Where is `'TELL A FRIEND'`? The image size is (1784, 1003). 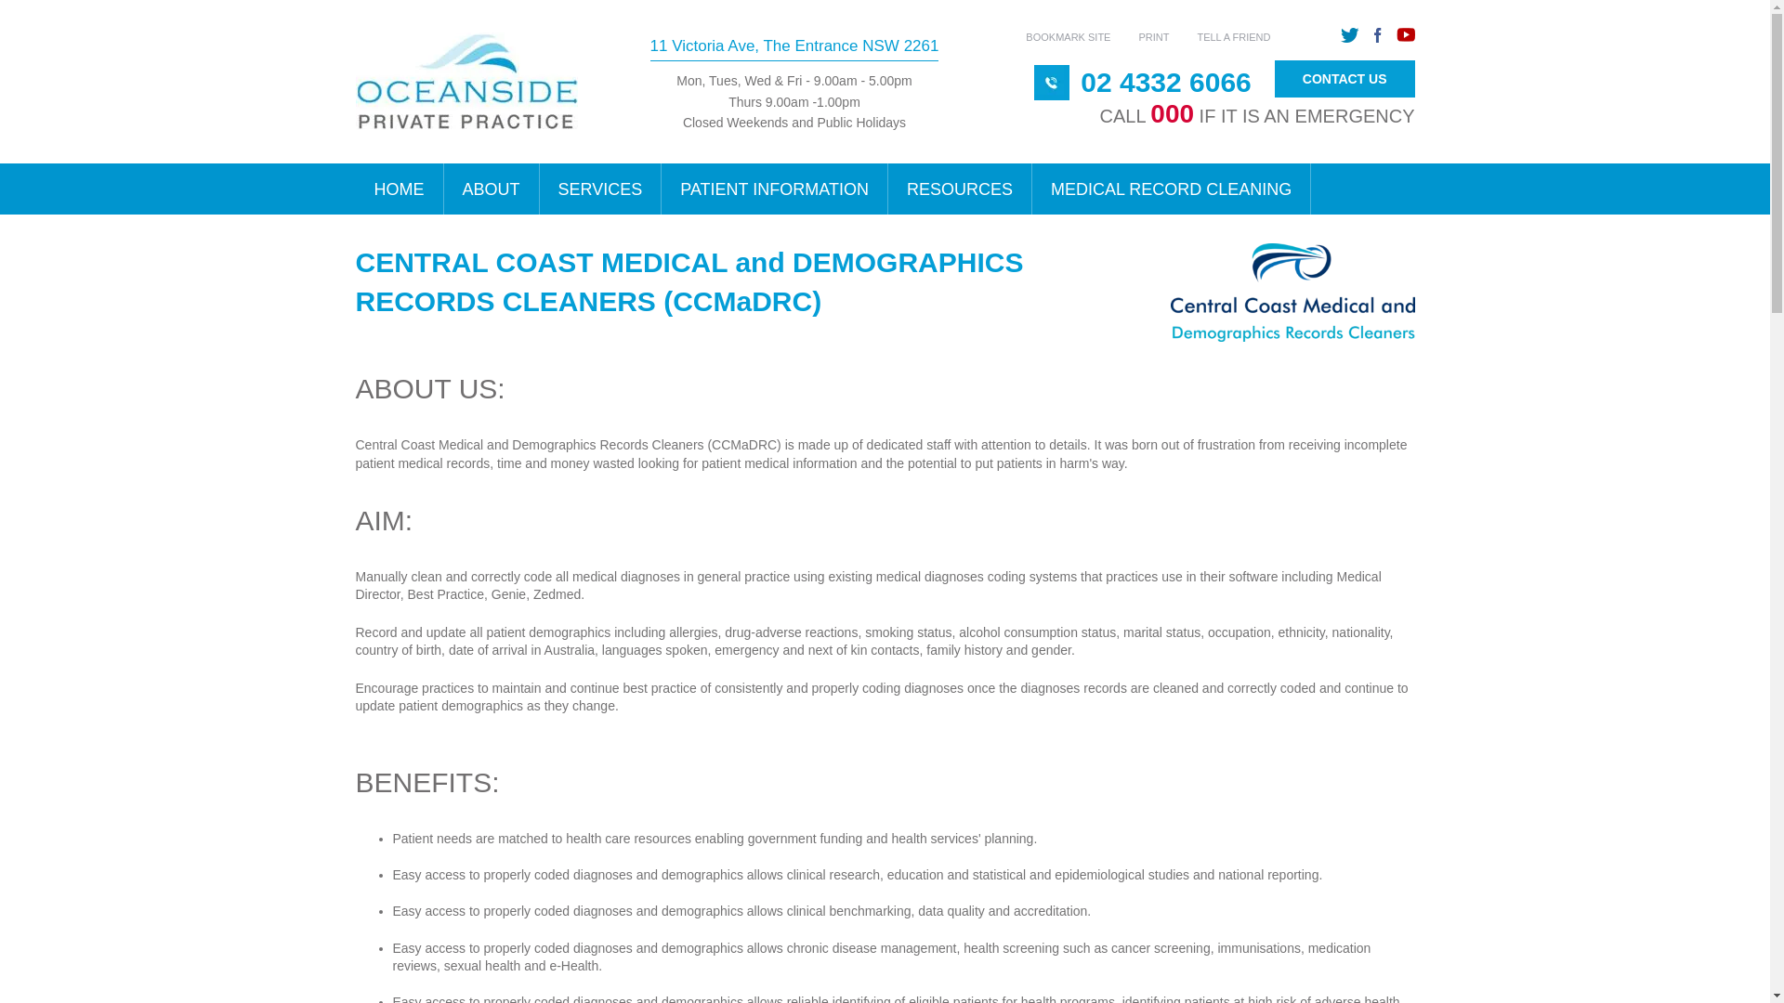
'TELL A FRIEND' is located at coordinates (1233, 36).